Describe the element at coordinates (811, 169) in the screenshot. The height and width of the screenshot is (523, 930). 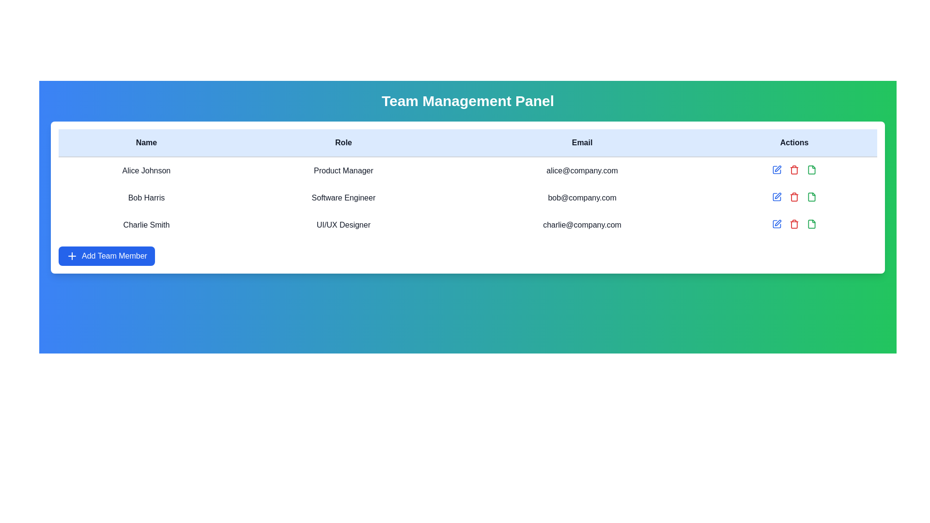
I see `the green icon button representing a file or document located in the 'Actions' column of the third row in the table` at that location.